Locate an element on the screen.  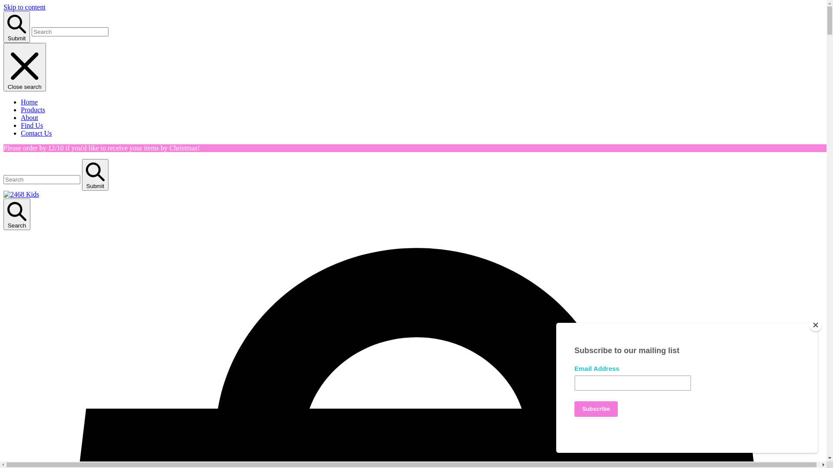
'Find Us' is located at coordinates (32, 125).